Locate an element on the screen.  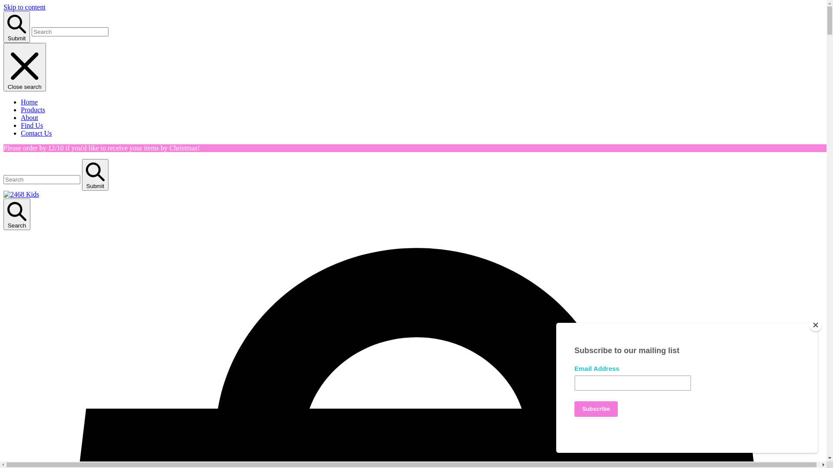
'Find Us' is located at coordinates (32, 125).